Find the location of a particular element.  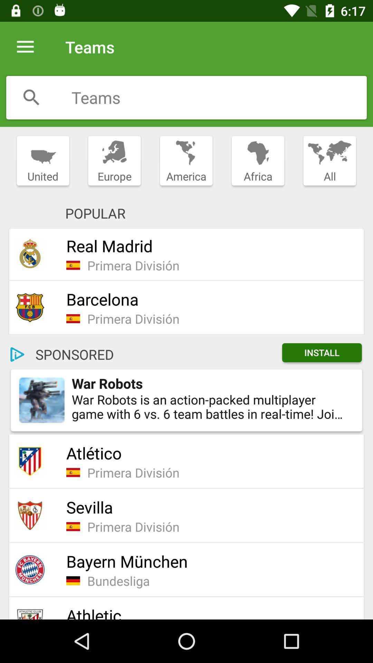

the icon to the right of the united states item is located at coordinates (114, 161).